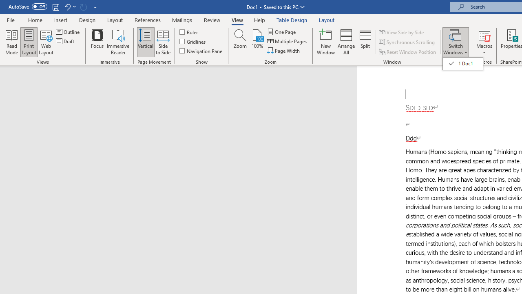  What do you see at coordinates (212, 20) in the screenshot?
I see `'Review'` at bounding box center [212, 20].